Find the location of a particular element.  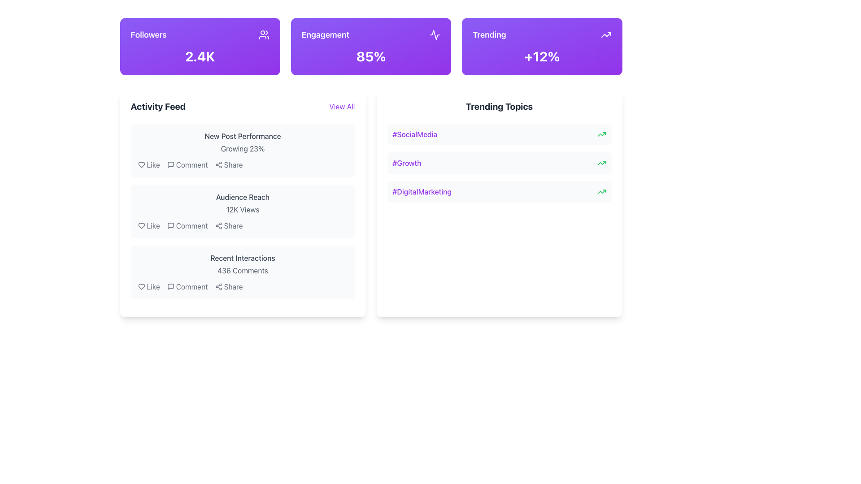

text header that serves as the title for the section displaying trending topics and popular hashtags, located at the top of the card containing this content is located at coordinates (499, 106).